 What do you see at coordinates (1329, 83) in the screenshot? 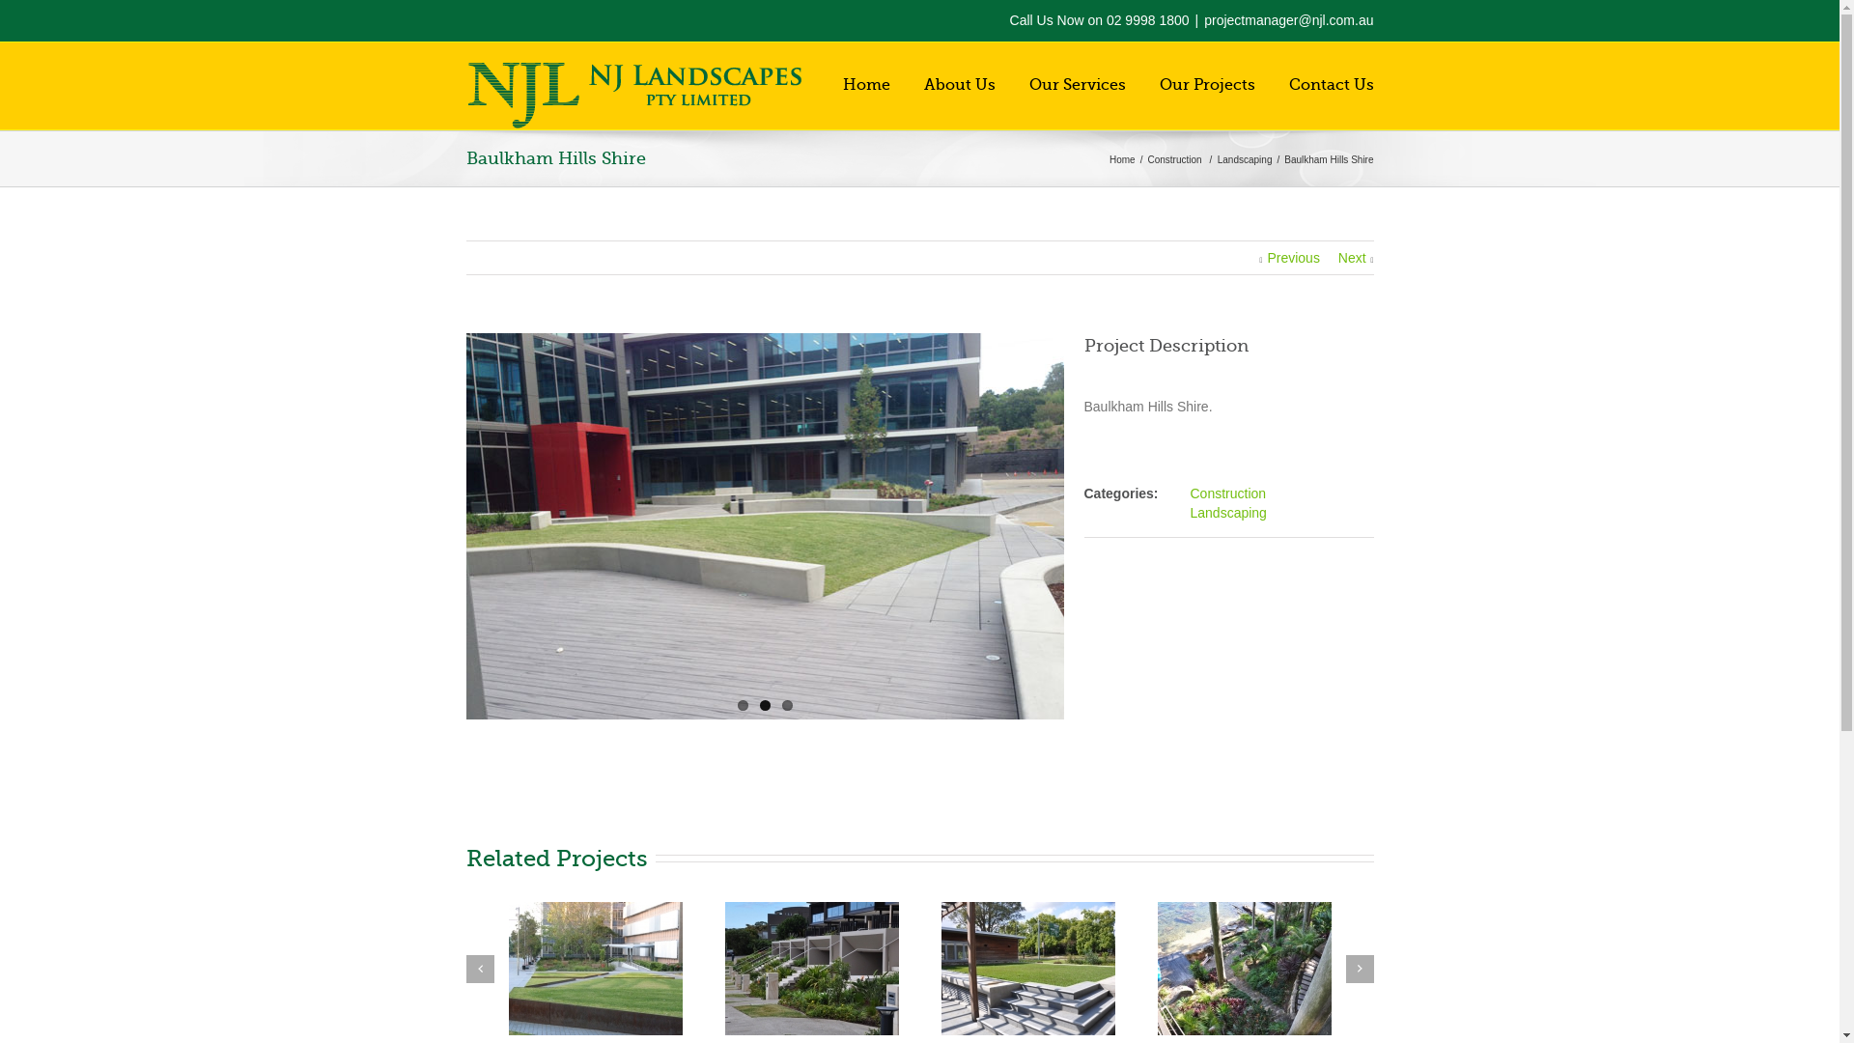
I see `'Contact Us'` at bounding box center [1329, 83].